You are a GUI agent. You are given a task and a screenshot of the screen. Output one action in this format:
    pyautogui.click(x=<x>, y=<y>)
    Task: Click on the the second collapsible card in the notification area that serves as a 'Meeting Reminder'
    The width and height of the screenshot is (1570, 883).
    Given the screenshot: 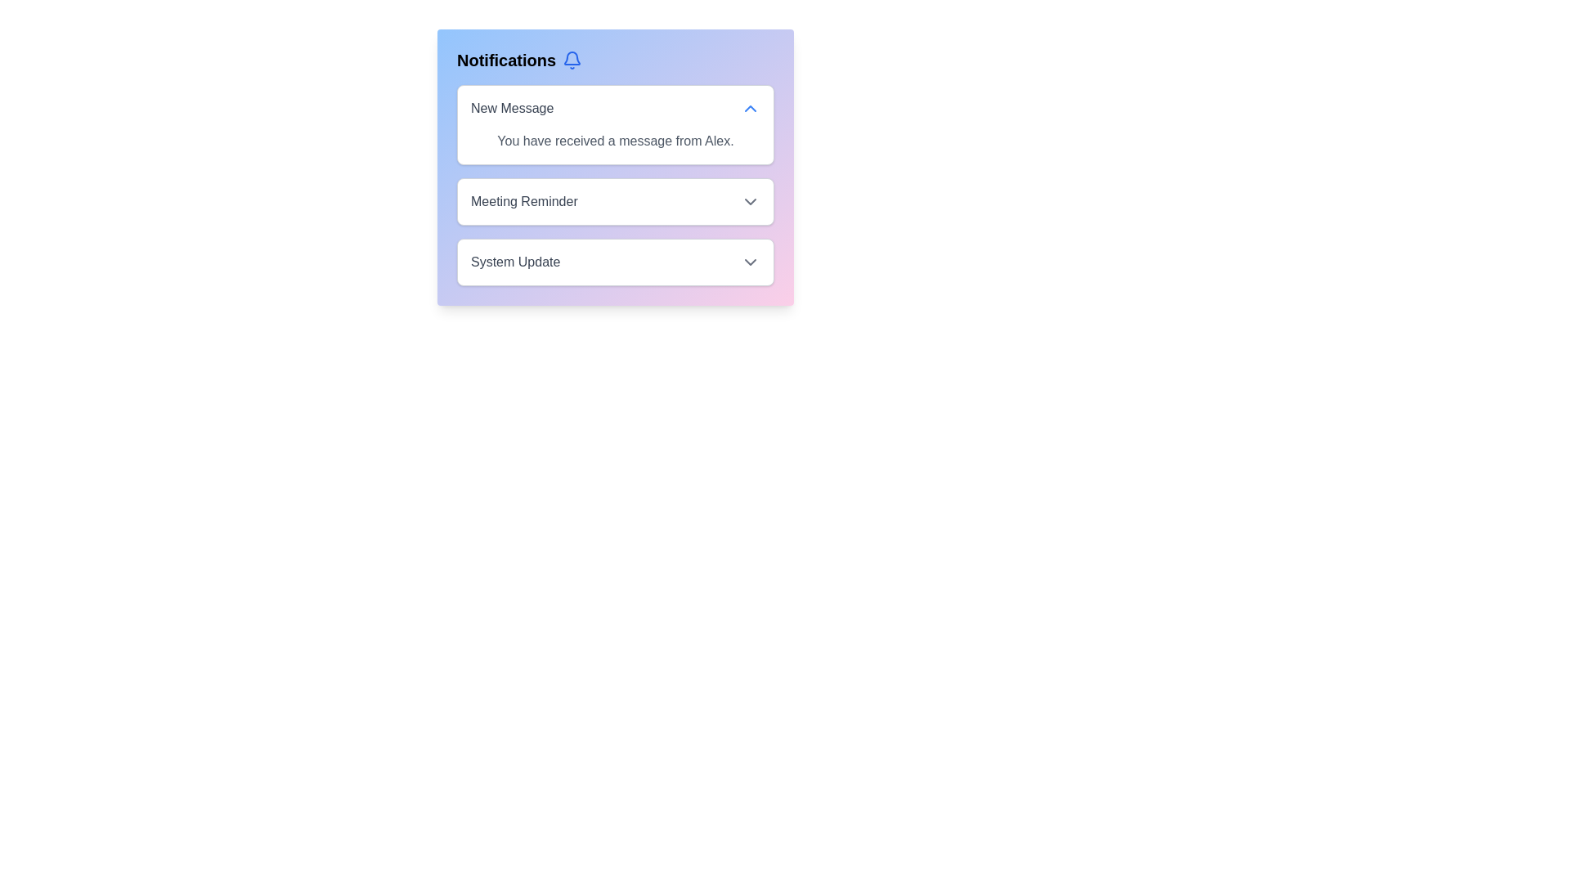 What is the action you would take?
    pyautogui.click(x=615, y=200)
    